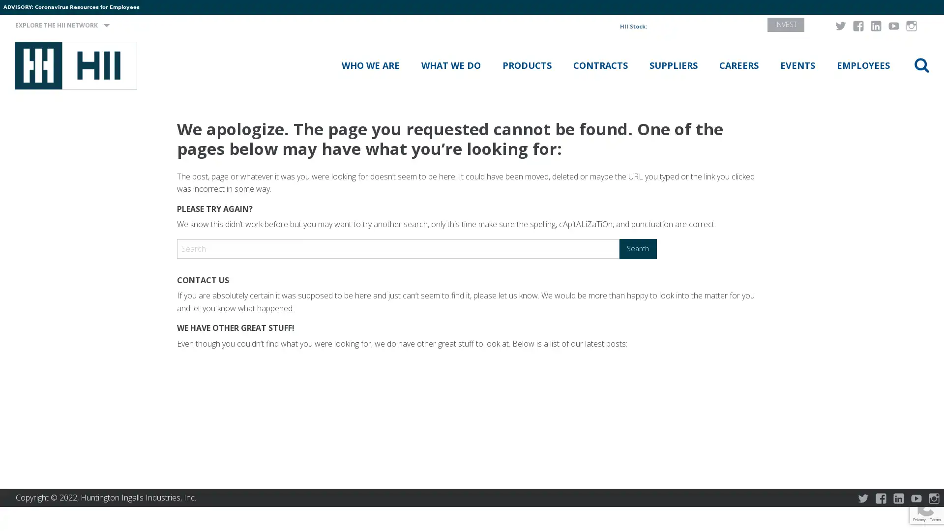 The image size is (944, 531). I want to click on Search, so click(638, 248).